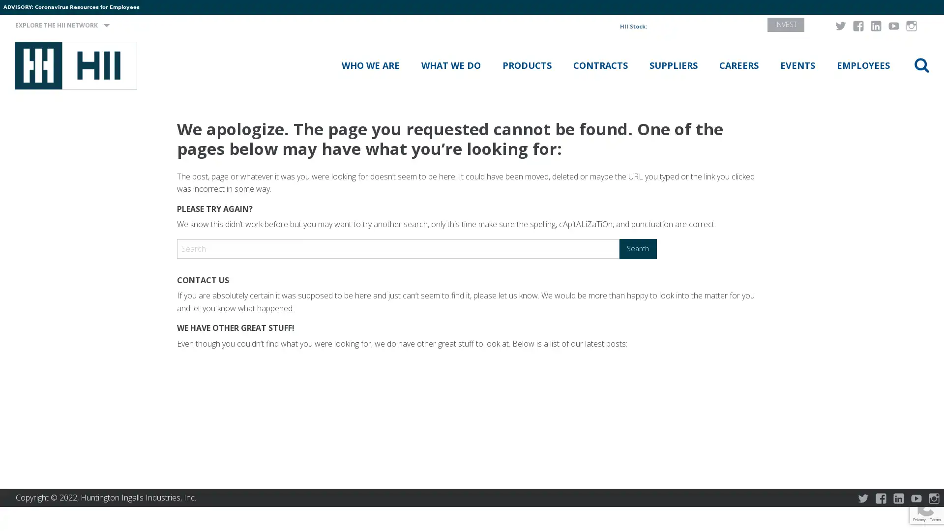 The image size is (944, 531). I want to click on Search, so click(638, 248).